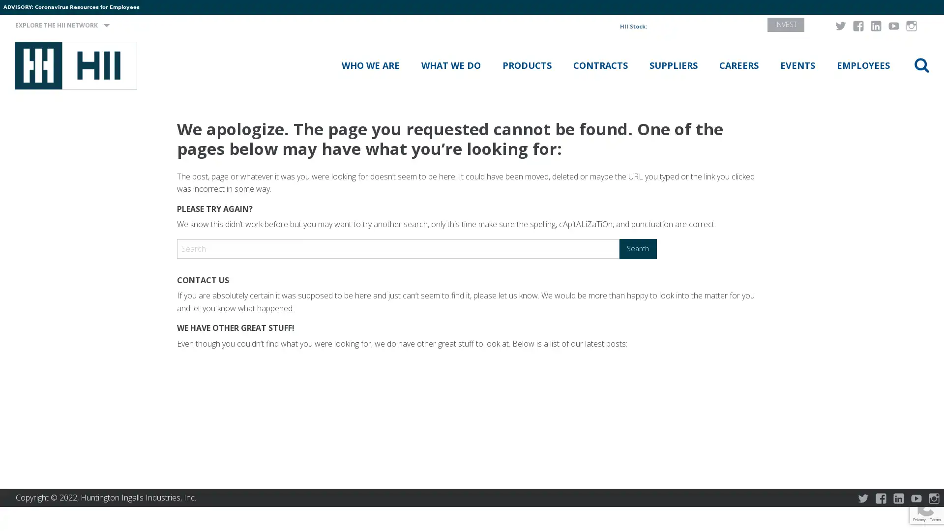 The image size is (944, 531). I want to click on Search, so click(638, 248).